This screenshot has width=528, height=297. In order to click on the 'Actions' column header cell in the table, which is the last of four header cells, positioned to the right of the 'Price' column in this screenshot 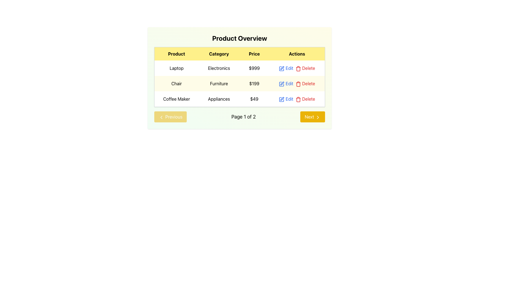, I will do `click(297, 54)`.